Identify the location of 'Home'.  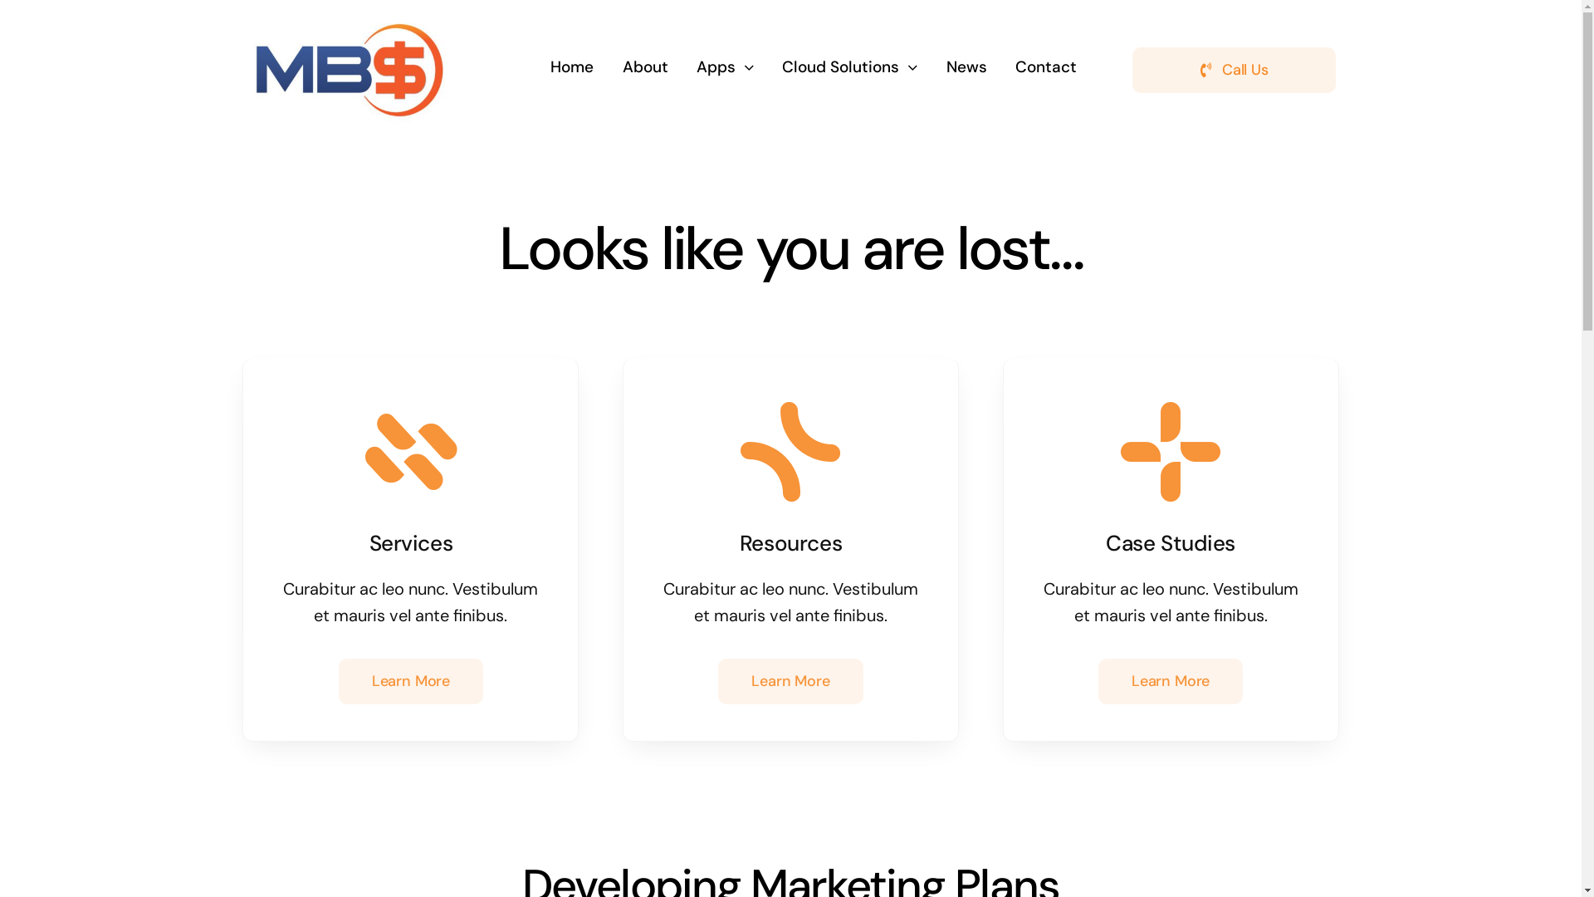
(572, 66).